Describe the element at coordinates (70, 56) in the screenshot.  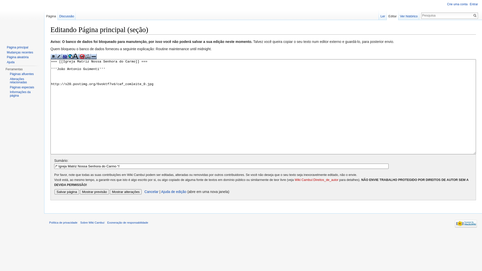
I see `'Link externo (lembre-se do prefixo http://)'` at that location.